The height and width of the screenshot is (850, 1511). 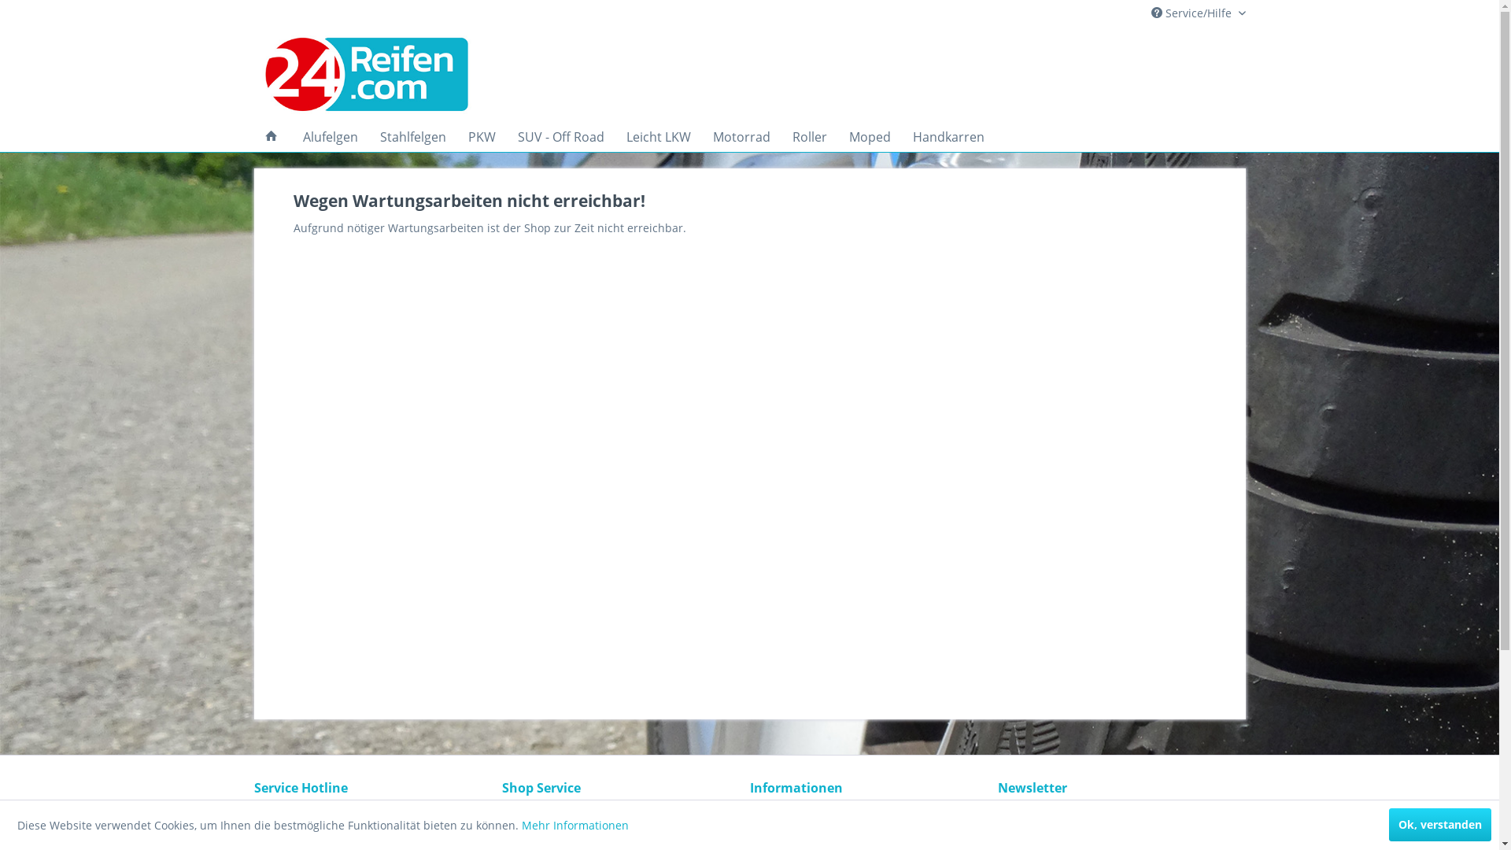 I want to click on 'Handkarren', so click(x=948, y=135).